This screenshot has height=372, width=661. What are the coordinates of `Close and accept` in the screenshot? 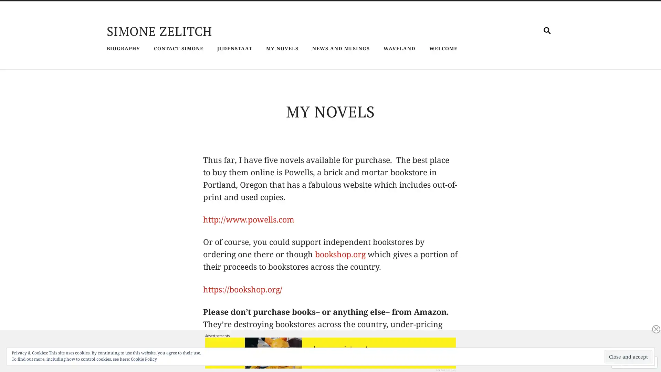 It's located at (628, 356).